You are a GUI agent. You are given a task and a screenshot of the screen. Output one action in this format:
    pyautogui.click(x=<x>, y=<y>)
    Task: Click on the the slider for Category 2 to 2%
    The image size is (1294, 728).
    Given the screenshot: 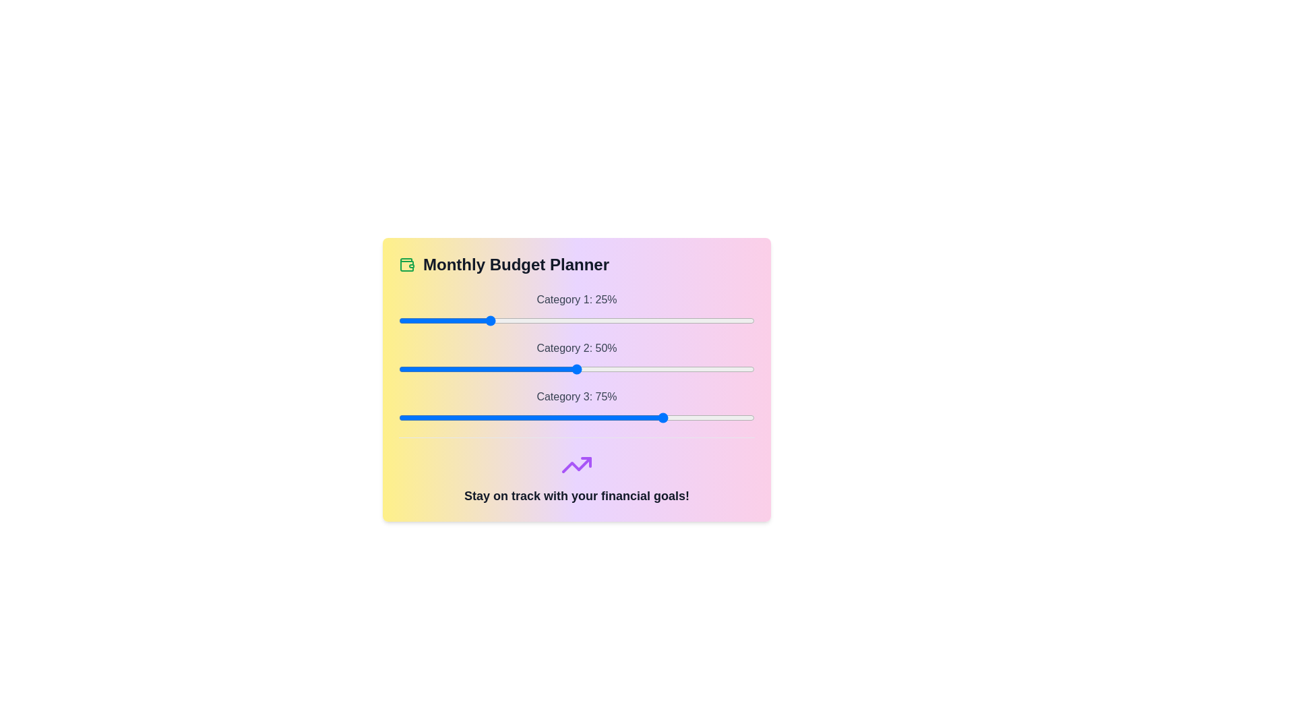 What is the action you would take?
    pyautogui.click(x=405, y=369)
    